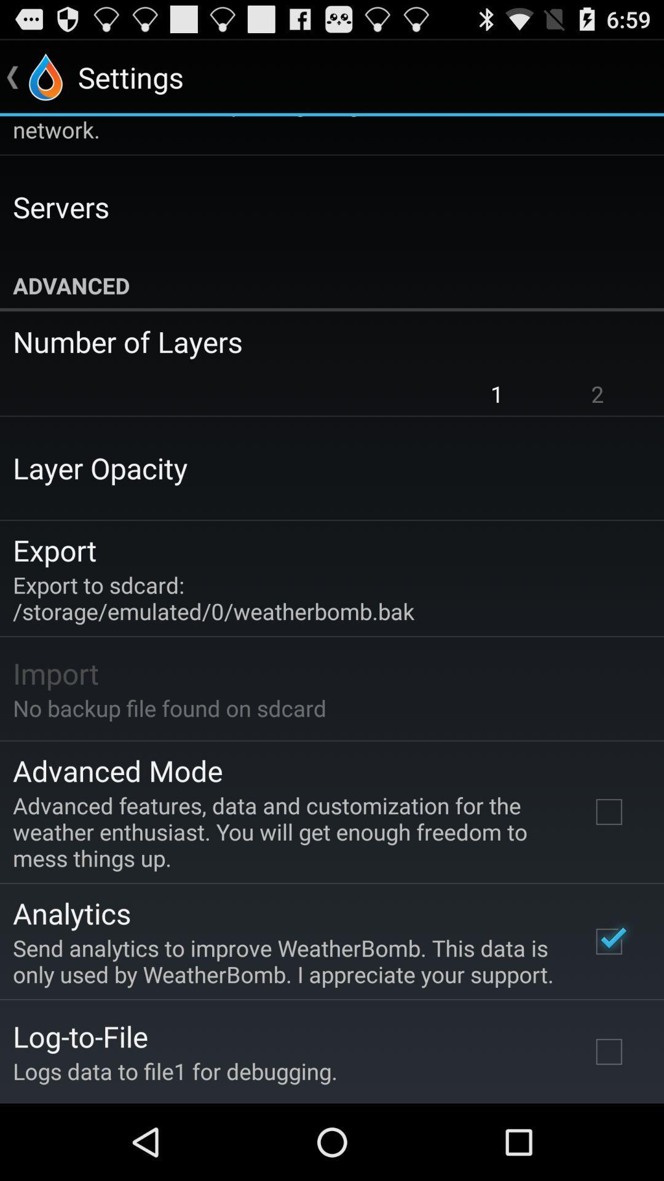 This screenshot has width=664, height=1181. What do you see at coordinates (285, 960) in the screenshot?
I see `the send analytics to` at bounding box center [285, 960].